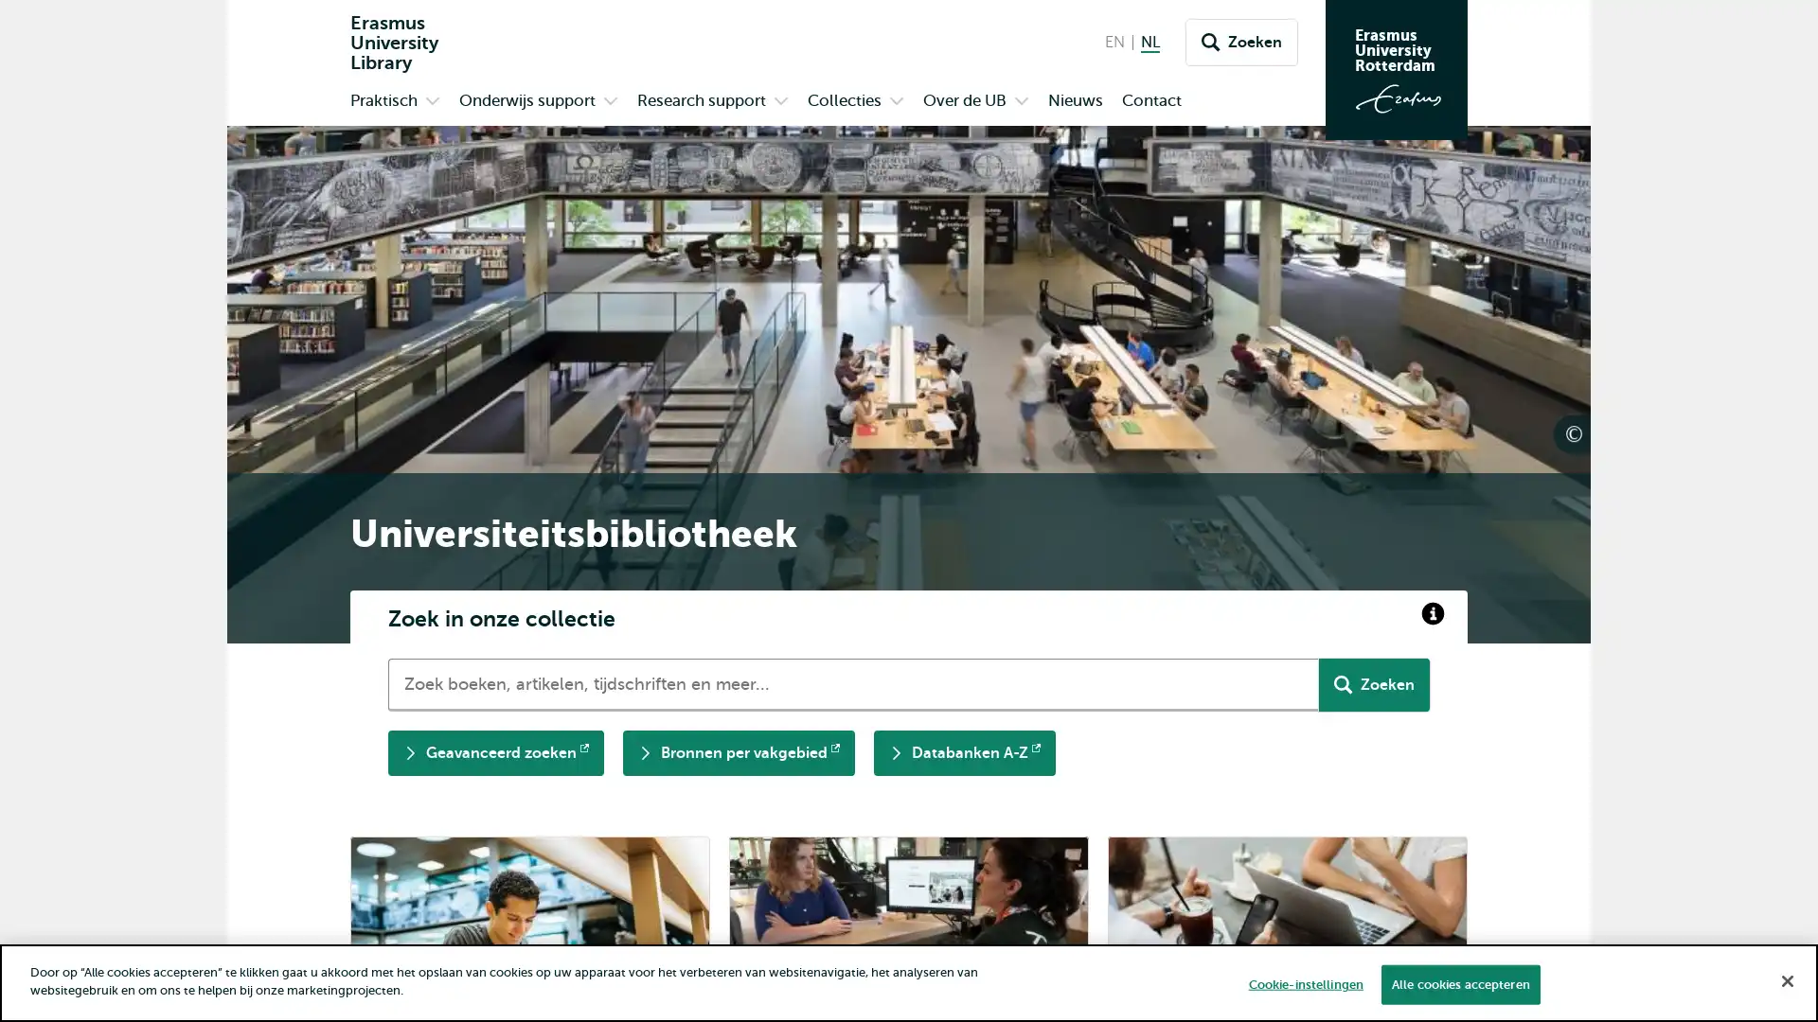 The image size is (1818, 1022). I want to click on Sluiten, so click(1786, 979).